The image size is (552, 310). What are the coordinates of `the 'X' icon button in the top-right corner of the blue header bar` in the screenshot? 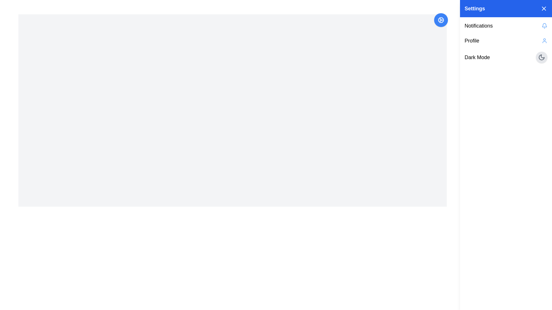 It's located at (543, 9).